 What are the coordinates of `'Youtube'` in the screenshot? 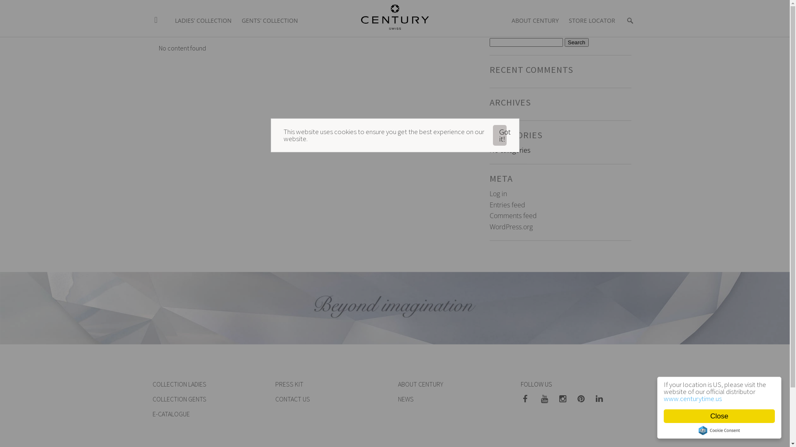 It's located at (547, 399).